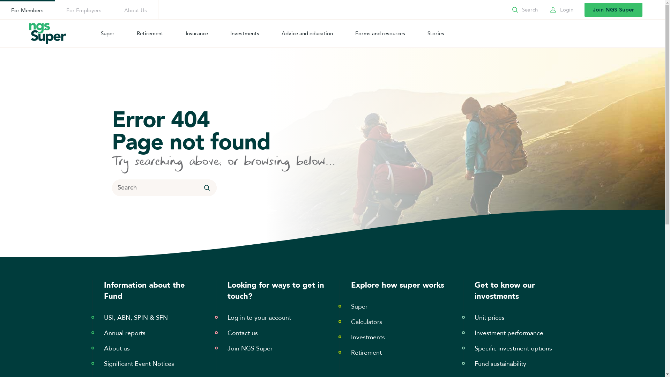 This screenshot has width=670, height=377. Describe the element at coordinates (126, 34) in the screenshot. I see `'Retirement'` at that location.